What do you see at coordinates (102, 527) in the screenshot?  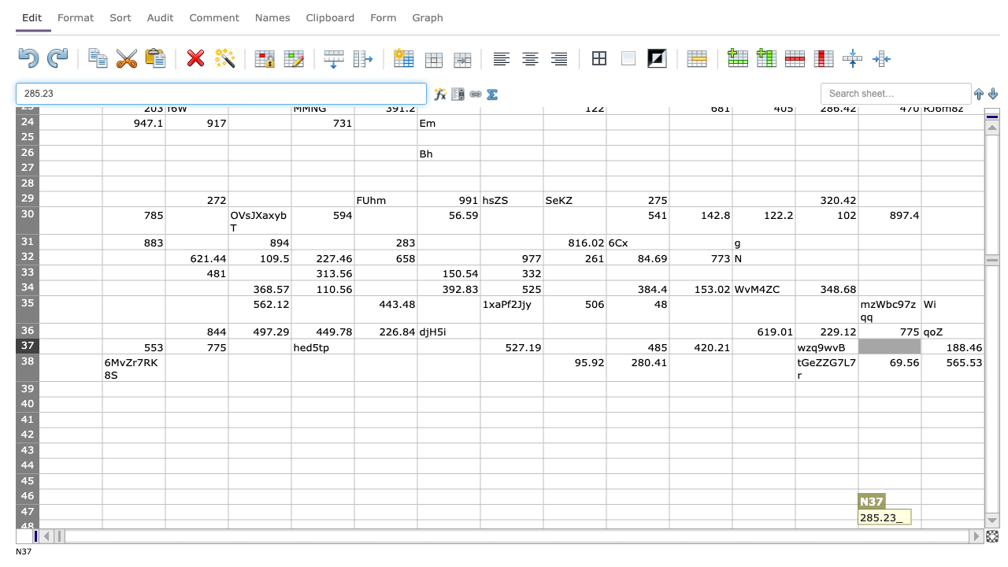 I see `Left border of cell B-48` at bounding box center [102, 527].